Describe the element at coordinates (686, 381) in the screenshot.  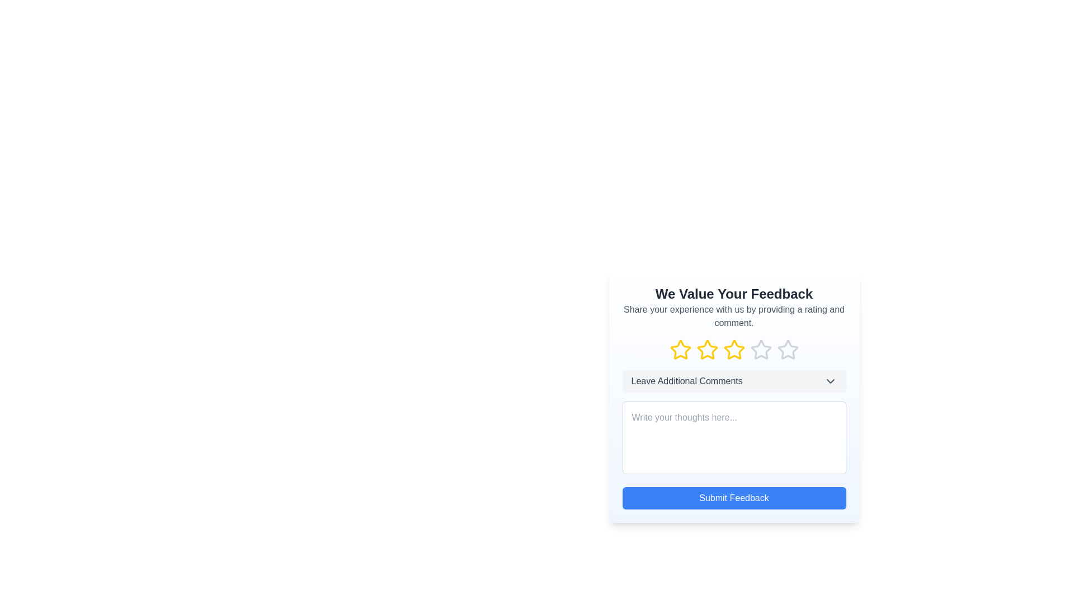
I see `the label that indicates the purpose of the subsequent text input field, which is located near the top-middle of the feedback form, below the rating stars` at that location.